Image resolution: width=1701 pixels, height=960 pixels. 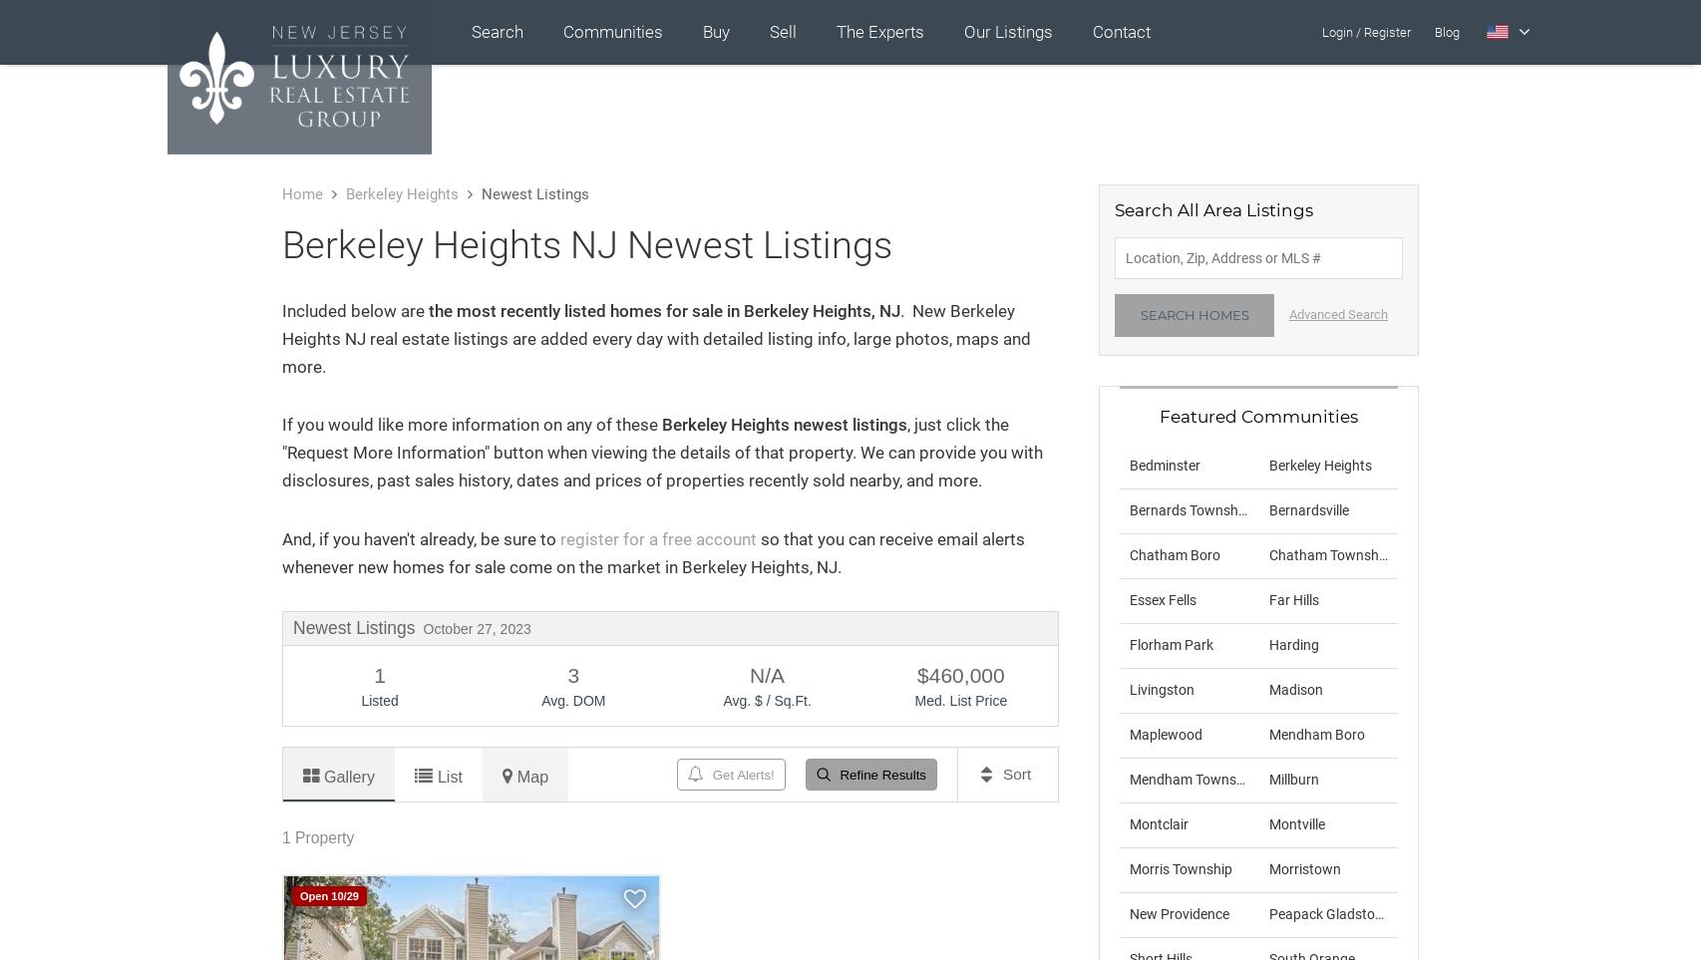 I want to click on 'Advanced Search', so click(x=1337, y=314).